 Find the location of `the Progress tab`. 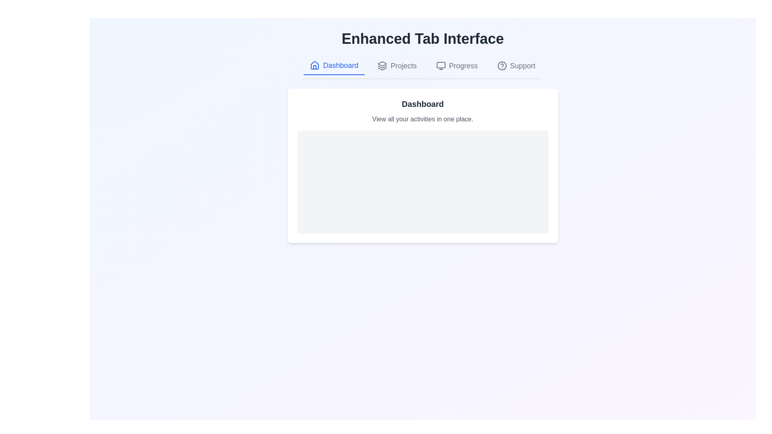

the Progress tab is located at coordinates (457, 66).